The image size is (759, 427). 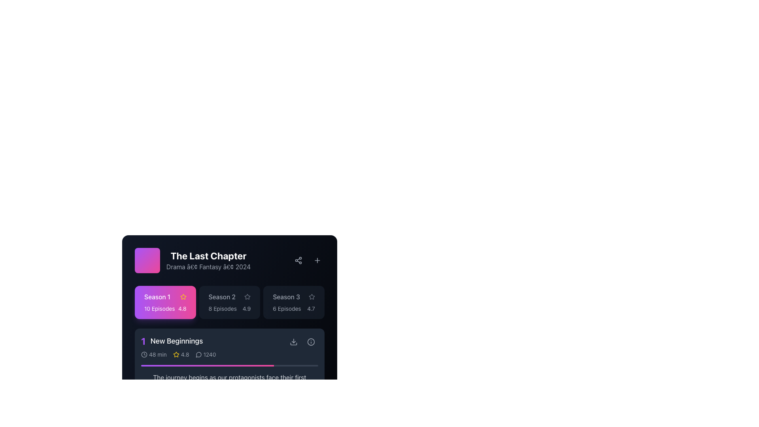 I want to click on the star-shaped yellow icon that serves as a rating or favorite indicator, located to the right of the 'Season 1' text, so click(x=183, y=297).